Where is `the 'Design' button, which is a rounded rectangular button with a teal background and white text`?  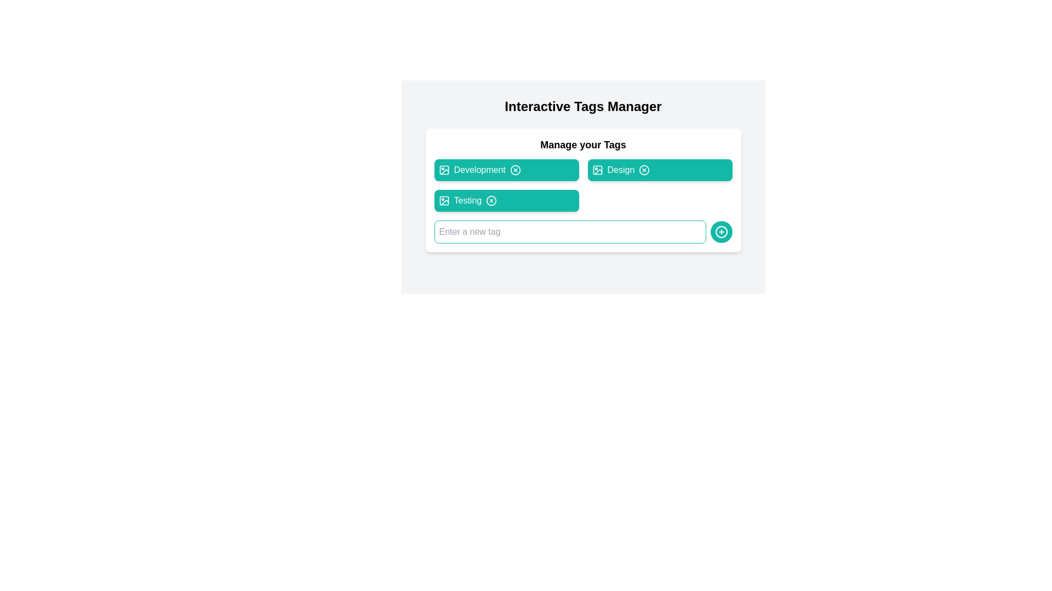
the 'Design' button, which is a rounded rectangular button with a teal background and white text is located at coordinates (659, 170).